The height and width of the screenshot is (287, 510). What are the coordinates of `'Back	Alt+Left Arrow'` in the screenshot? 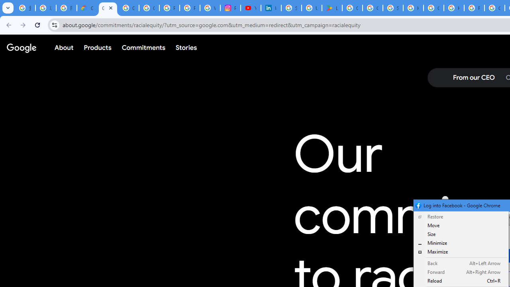 It's located at (461, 263).